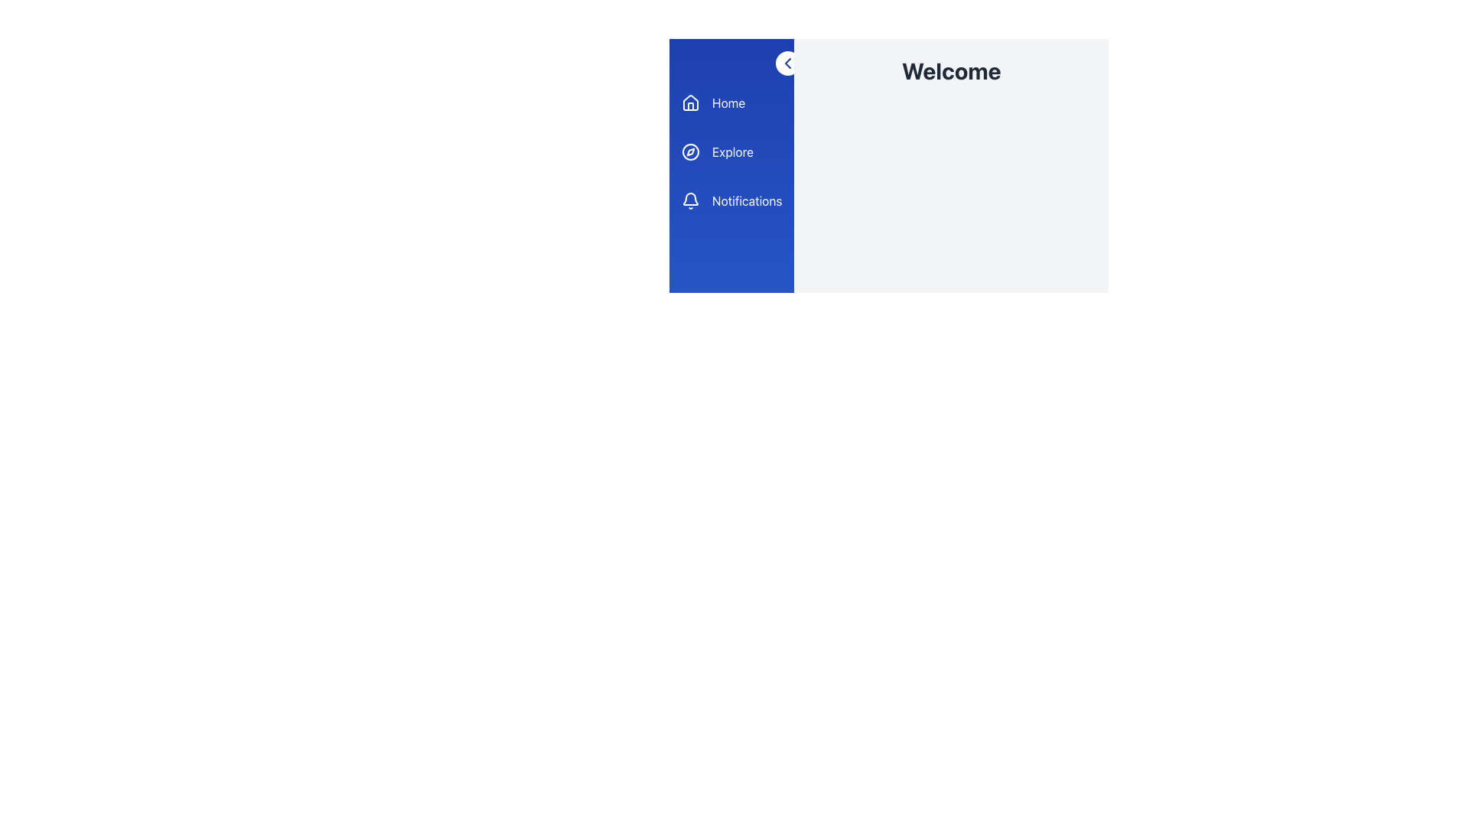  Describe the element at coordinates (788, 63) in the screenshot. I see `the leftward chevron graphic within the white circular button labeled 'Close/Open Sidebar' located at the upper-right corner of the blue sidebar` at that location.